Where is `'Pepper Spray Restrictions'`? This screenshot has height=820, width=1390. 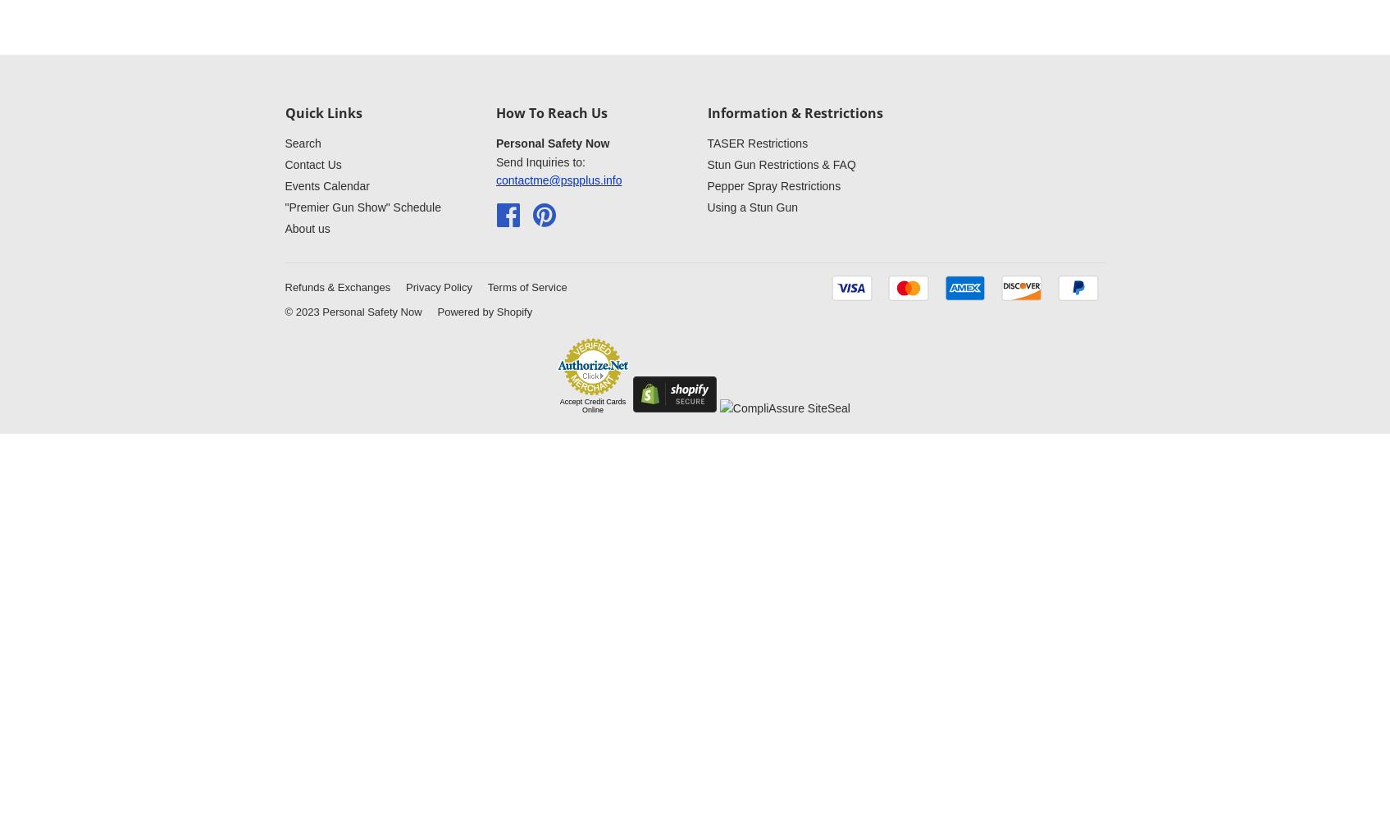 'Pepper Spray Restrictions' is located at coordinates (706, 185).